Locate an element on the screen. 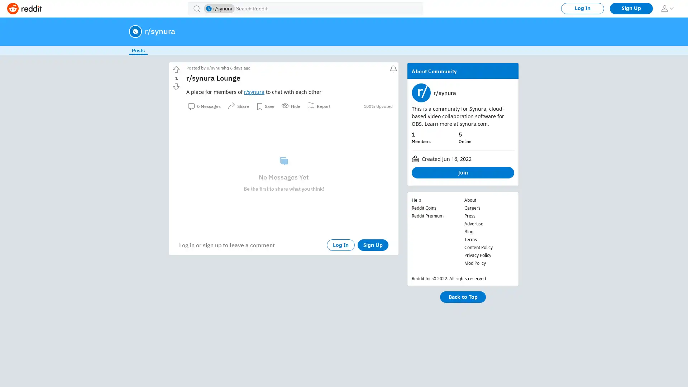 This screenshot has width=688, height=387. Back to Top is located at coordinates (463, 297).